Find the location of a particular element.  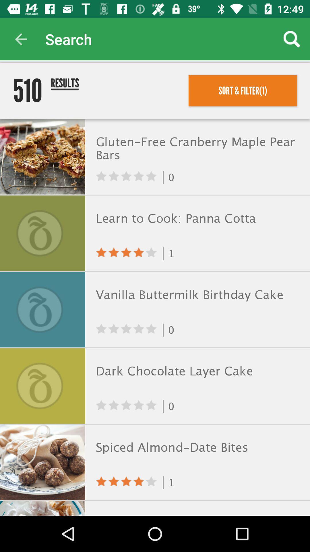

the sort & filter(1) item is located at coordinates (243, 90).